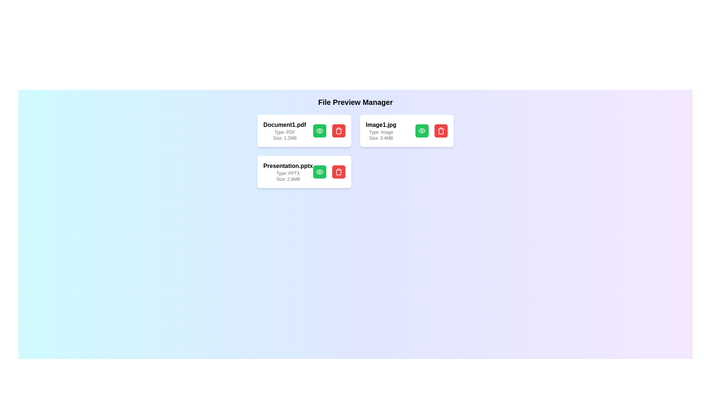 This screenshot has width=704, height=396. What do you see at coordinates (381, 138) in the screenshot?
I see `the text label indicating the size of the file 'Image1.jpg' in megabytes to check for additional details` at bounding box center [381, 138].